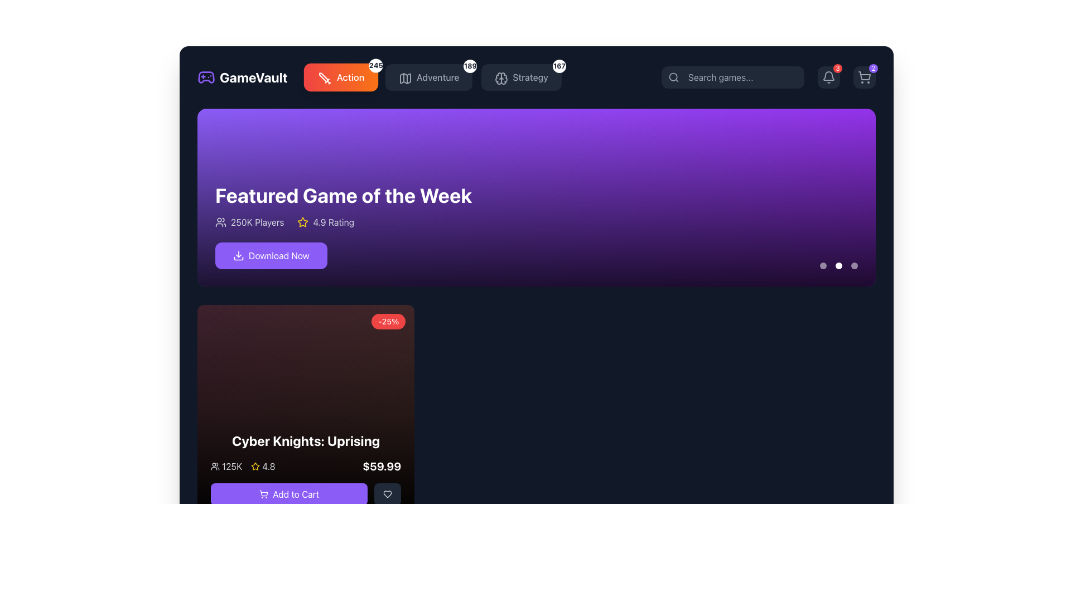 This screenshot has height=602, width=1071. I want to click on information presented in the composite data display component located below the title of 'Featured Game of the Week', which shows the number of players and the average rating, so click(343, 222).